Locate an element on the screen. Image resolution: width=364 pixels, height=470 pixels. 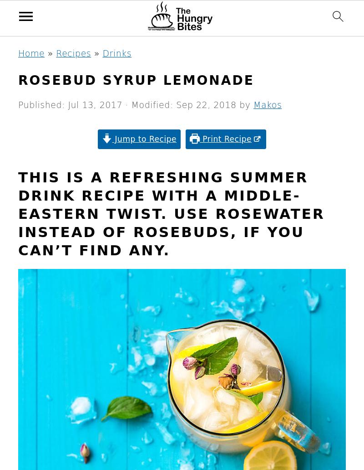
'Print Recipe' is located at coordinates (199, 139).